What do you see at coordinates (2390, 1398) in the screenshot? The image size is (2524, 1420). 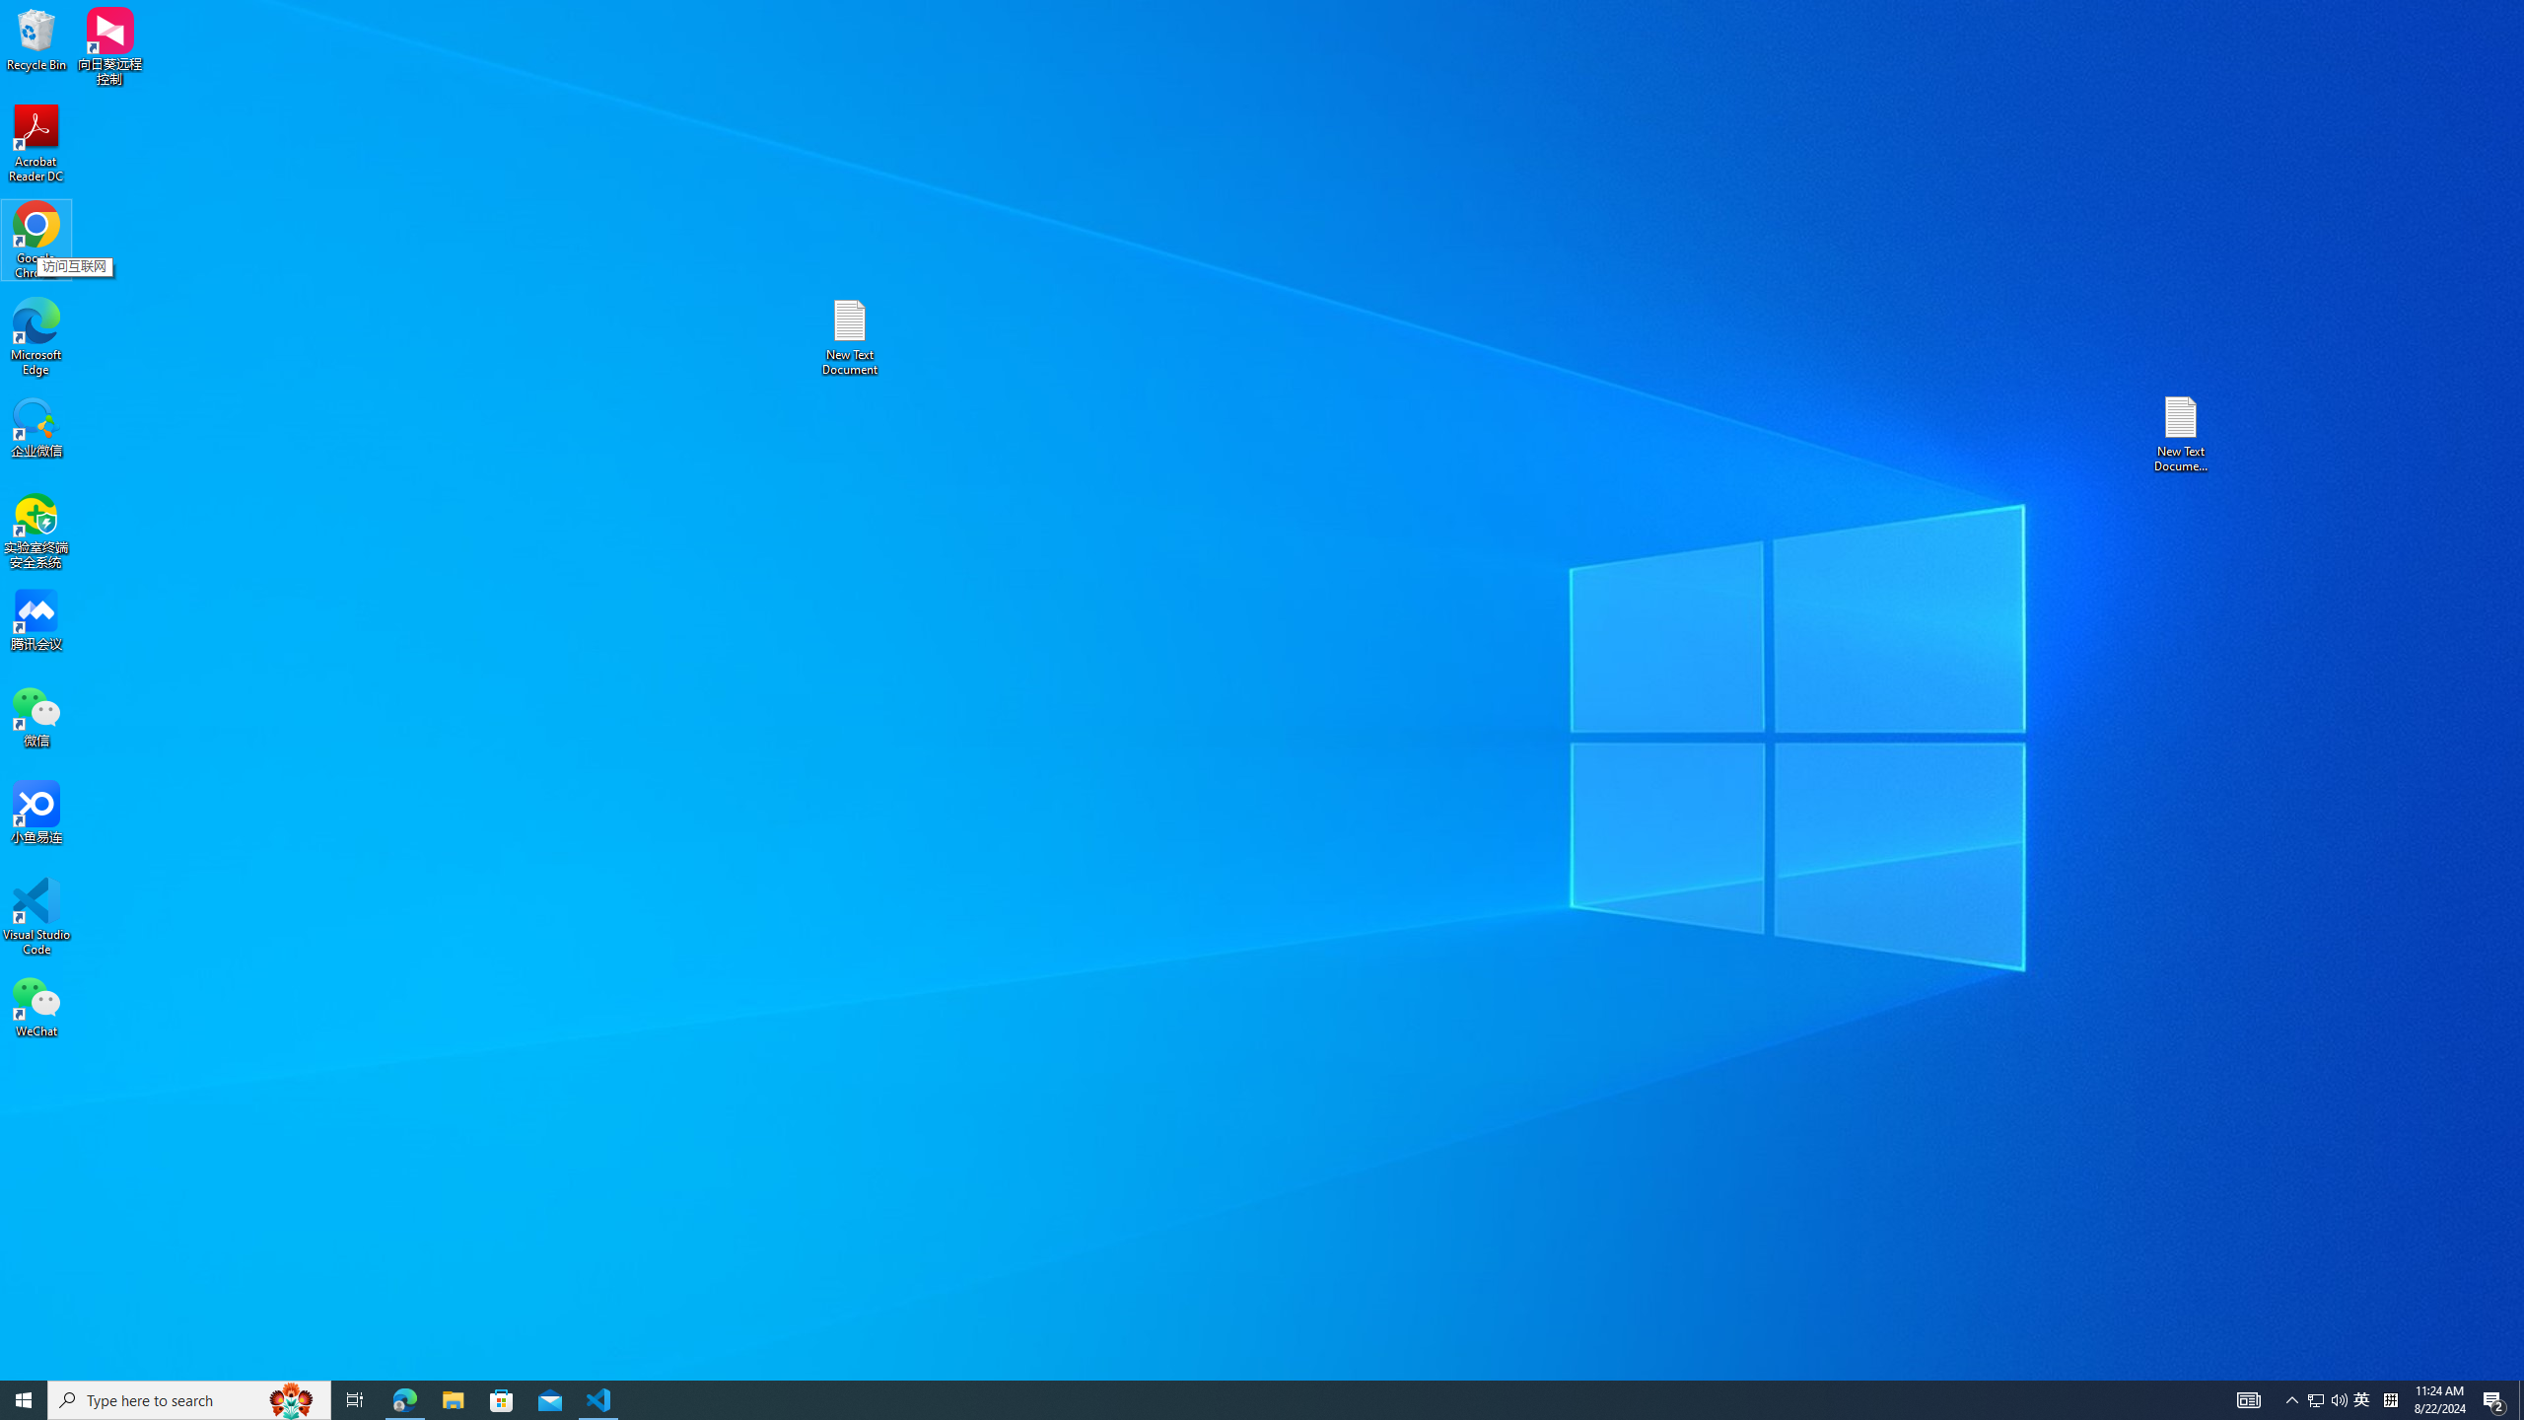 I see `'Tray Input Indicator - Chinese (Simplified, China)'` at bounding box center [2390, 1398].